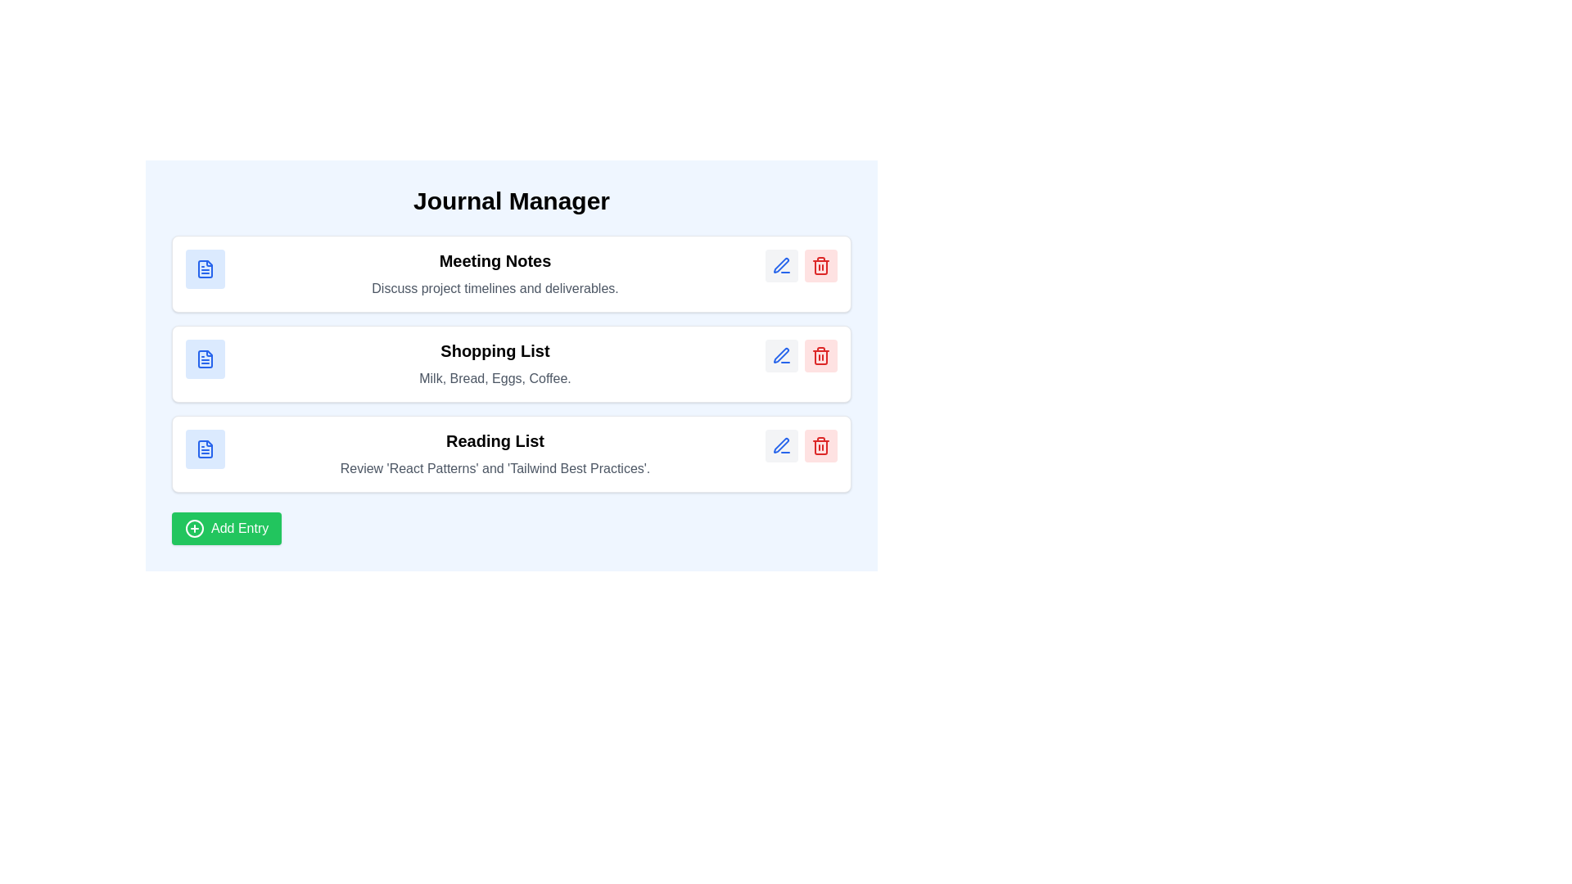  What do you see at coordinates (821, 355) in the screenshot?
I see `the red button with a trash can icon` at bounding box center [821, 355].